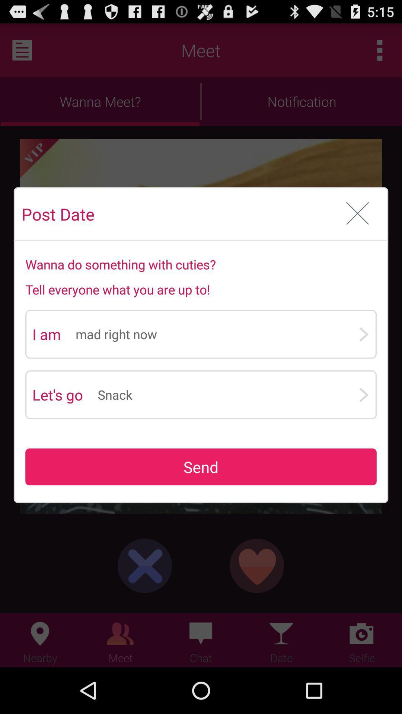 This screenshot has height=714, width=402. What do you see at coordinates (217, 334) in the screenshot?
I see `the icon below tell everyone what app` at bounding box center [217, 334].